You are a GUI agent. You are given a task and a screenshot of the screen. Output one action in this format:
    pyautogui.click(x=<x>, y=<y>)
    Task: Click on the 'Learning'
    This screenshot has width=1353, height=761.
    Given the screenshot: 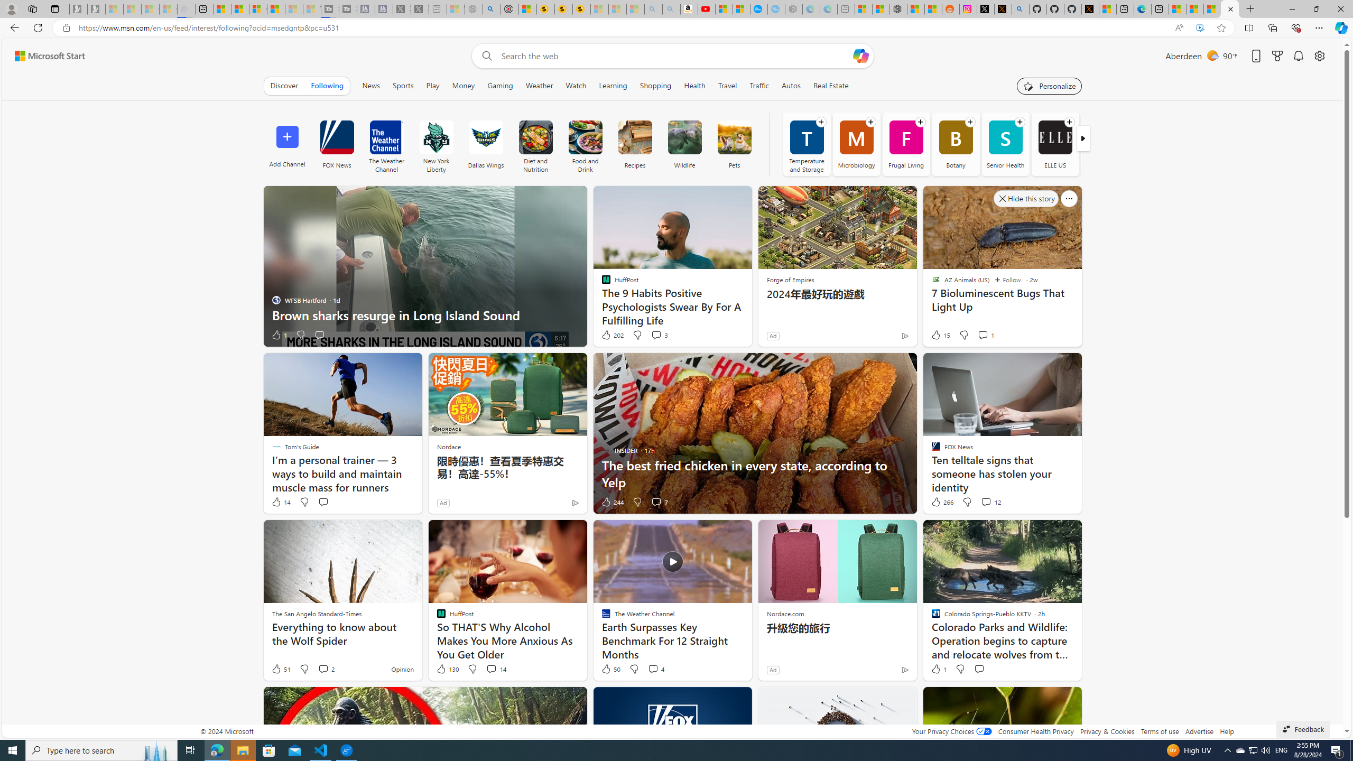 What is the action you would take?
    pyautogui.click(x=612, y=85)
    